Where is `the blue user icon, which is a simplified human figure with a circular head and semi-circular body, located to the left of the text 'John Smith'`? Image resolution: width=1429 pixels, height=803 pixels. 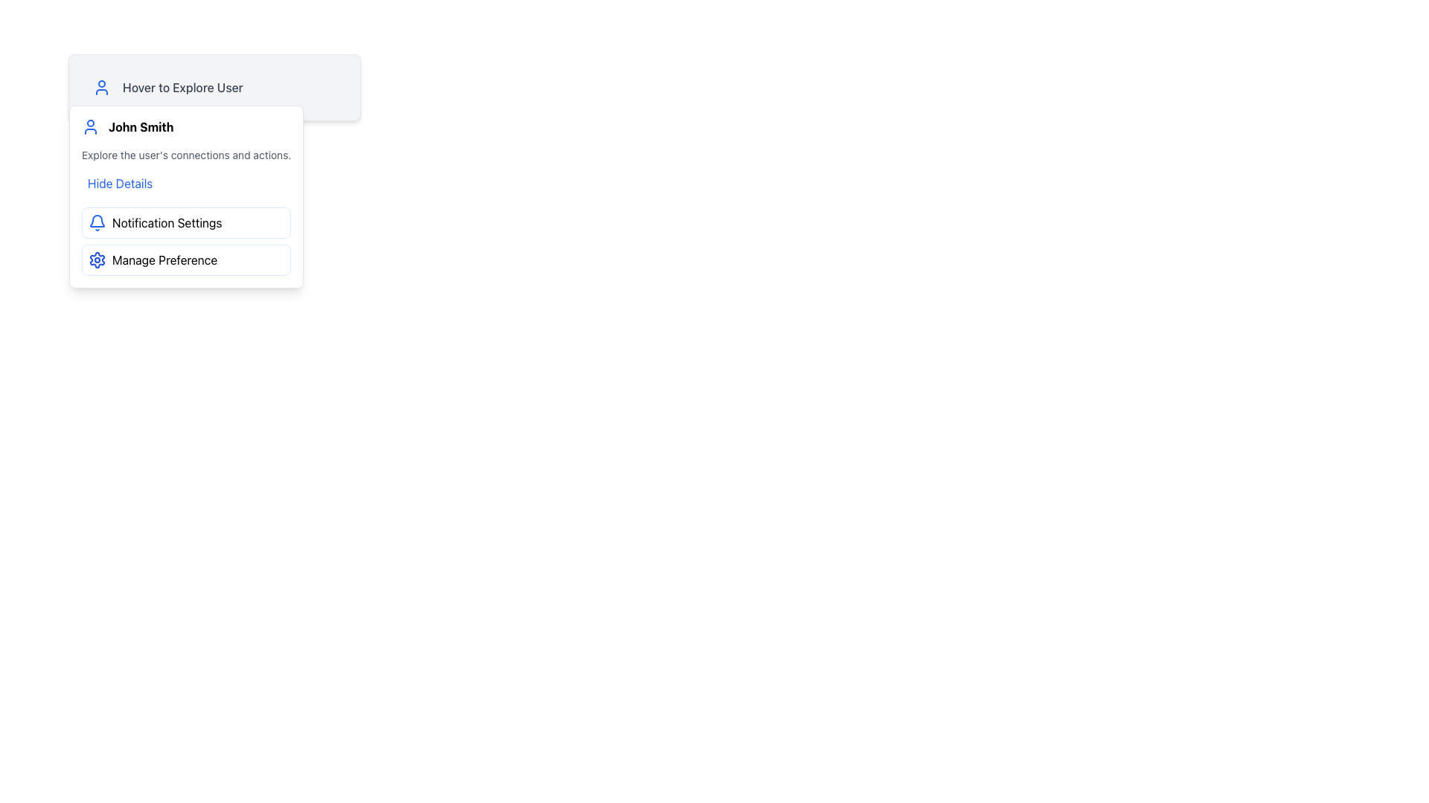
the blue user icon, which is a simplified human figure with a circular head and semi-circular body, located to the left of the text 'John Smith' is located at coordinates (89, 126).